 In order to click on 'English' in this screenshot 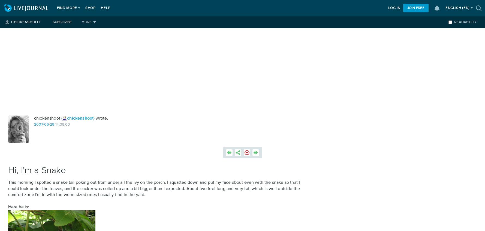, I will do `click(445, 8)`.